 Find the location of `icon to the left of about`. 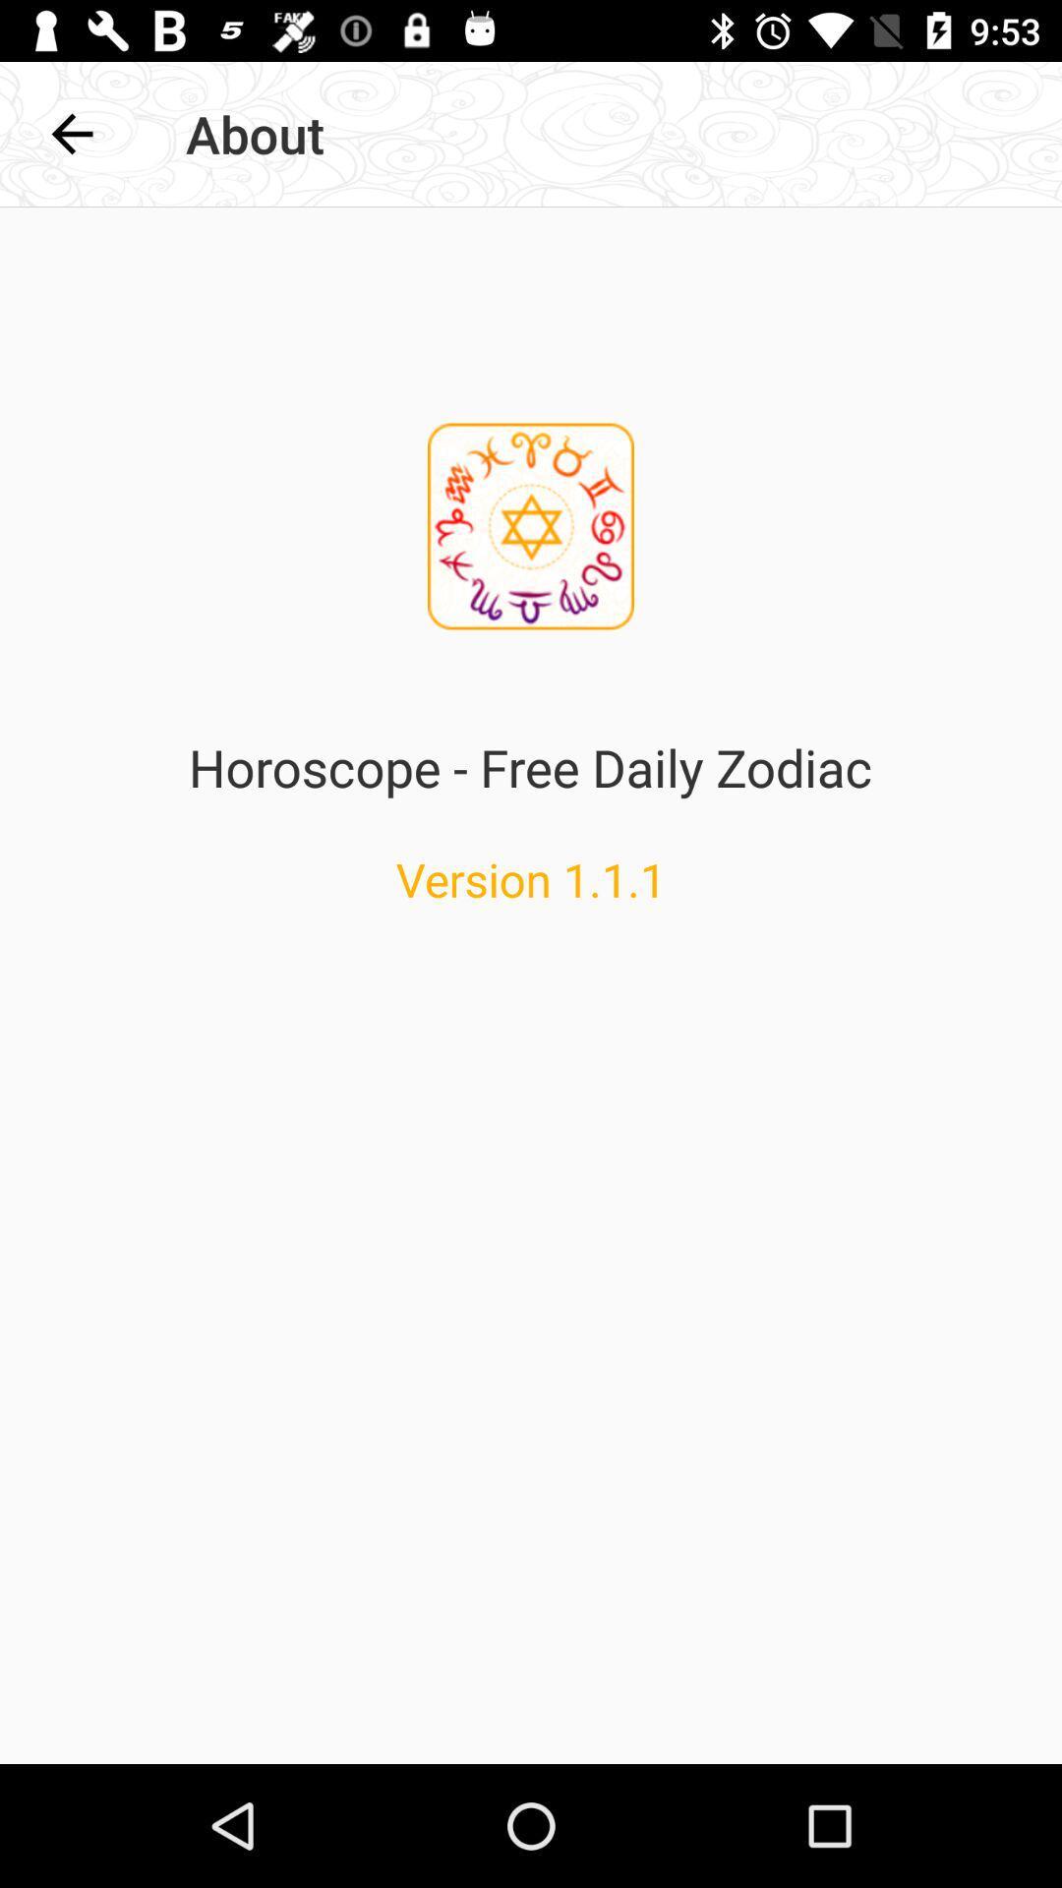

icon to the left of about is located at coordinates (71, 133).